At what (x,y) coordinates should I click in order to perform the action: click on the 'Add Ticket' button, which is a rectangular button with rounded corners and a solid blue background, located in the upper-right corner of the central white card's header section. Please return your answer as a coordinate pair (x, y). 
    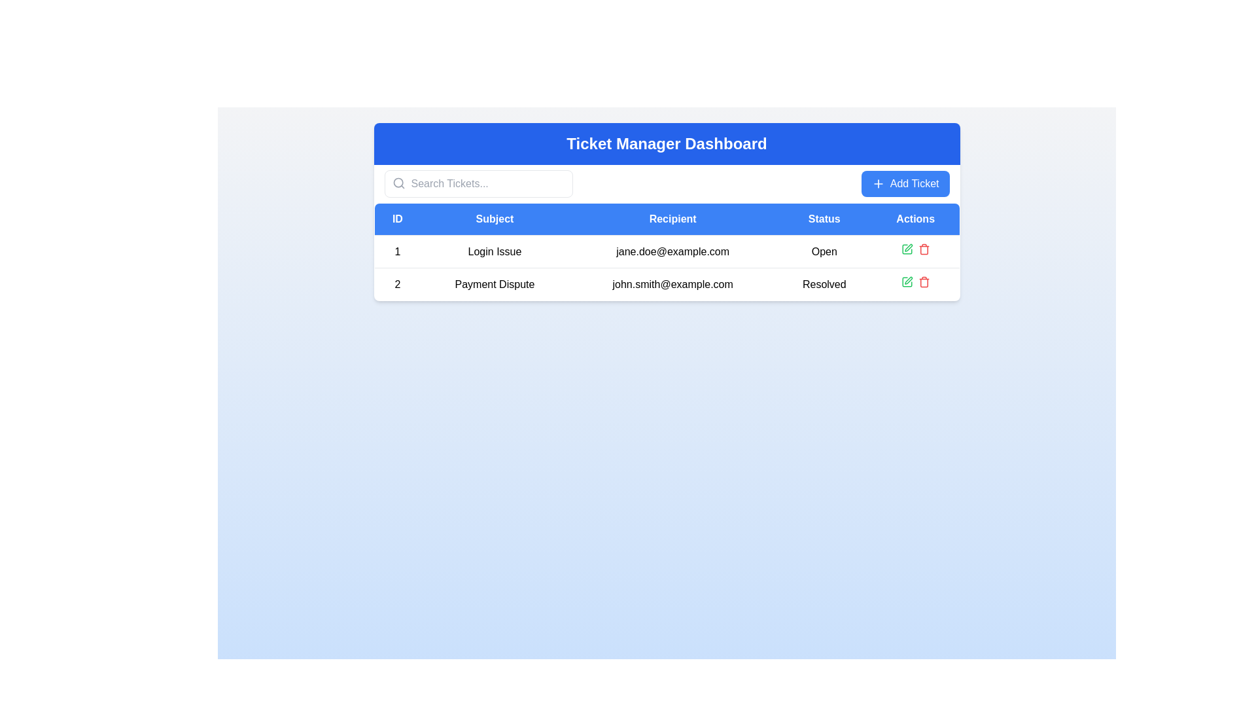
    Looking at the image, I should click on (905, 184).